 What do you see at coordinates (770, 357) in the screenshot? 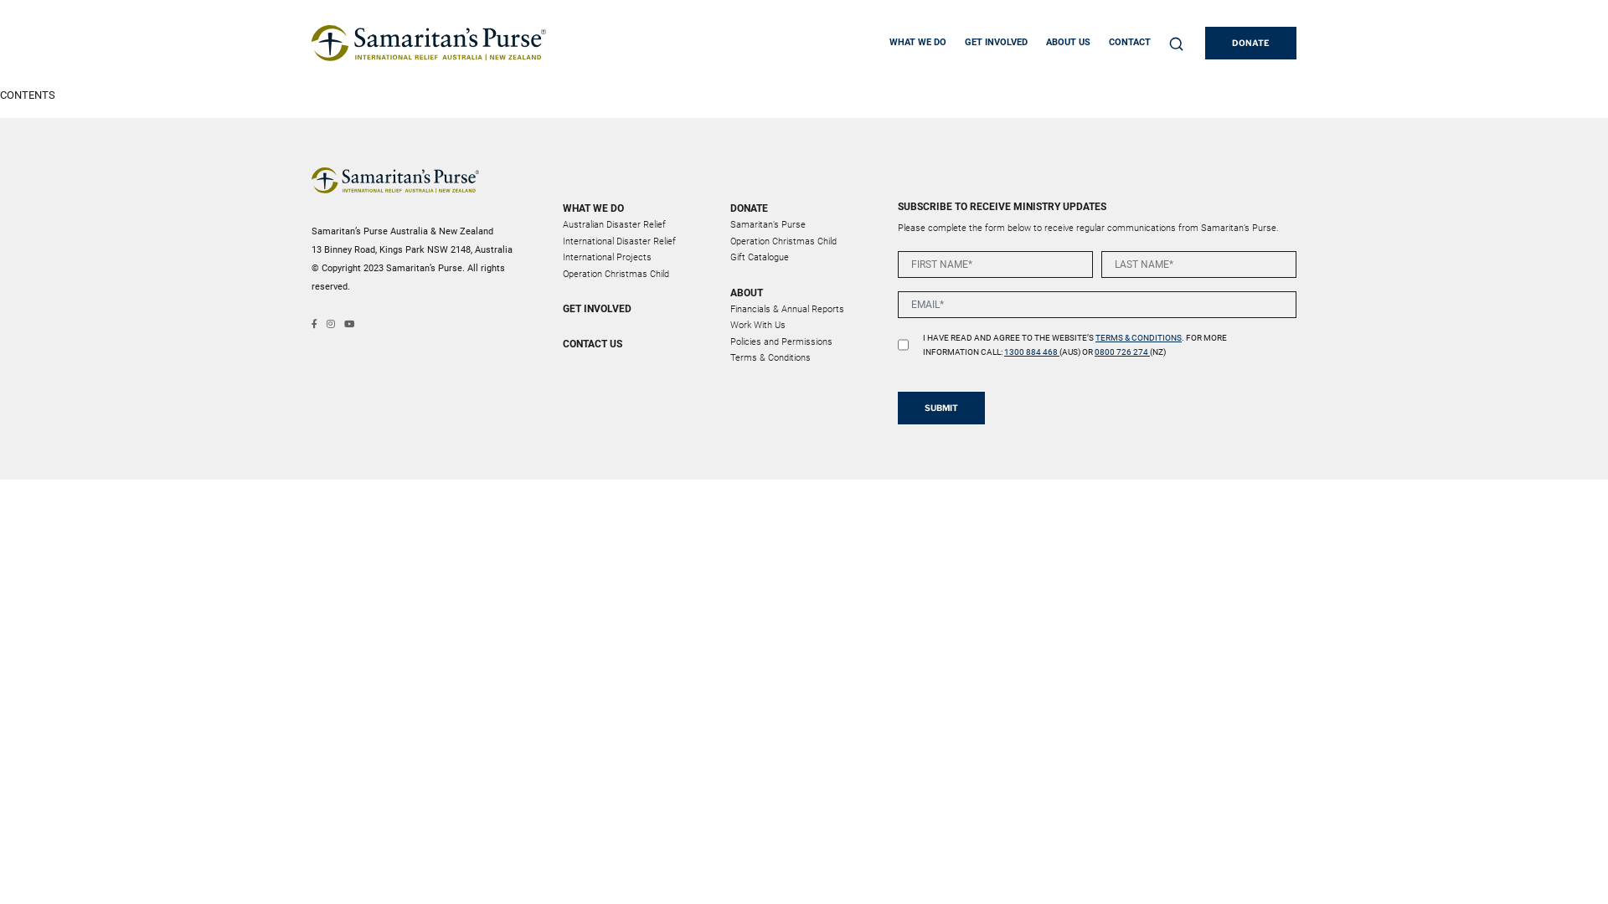
I see `'Terms & Conditions'` at bounding box center [770, 357].